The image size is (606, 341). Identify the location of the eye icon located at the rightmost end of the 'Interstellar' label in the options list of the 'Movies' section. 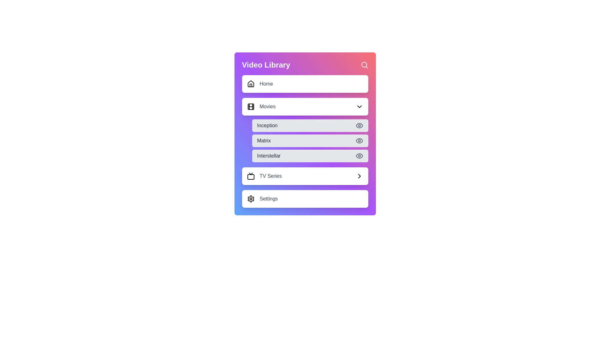
(359, 156).